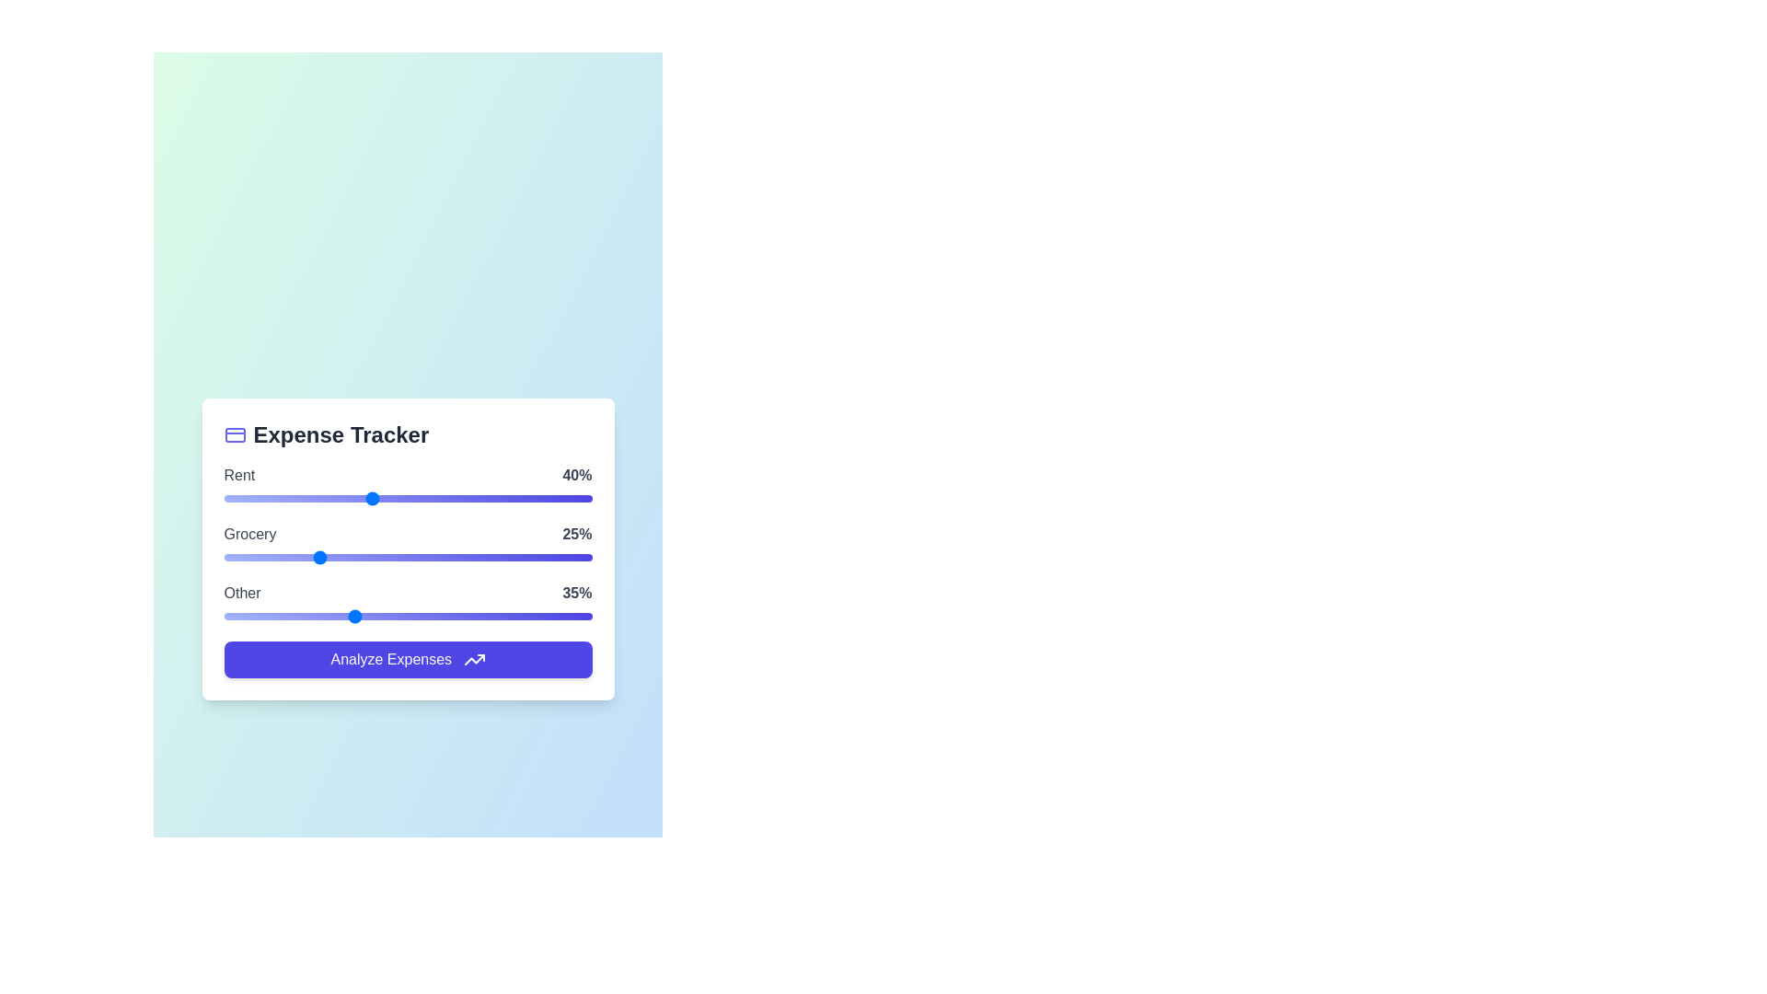  Describe the element at coordinates (407, 549) in the screenshot. I see `the gradient background to inspect its visual effect` at that location.